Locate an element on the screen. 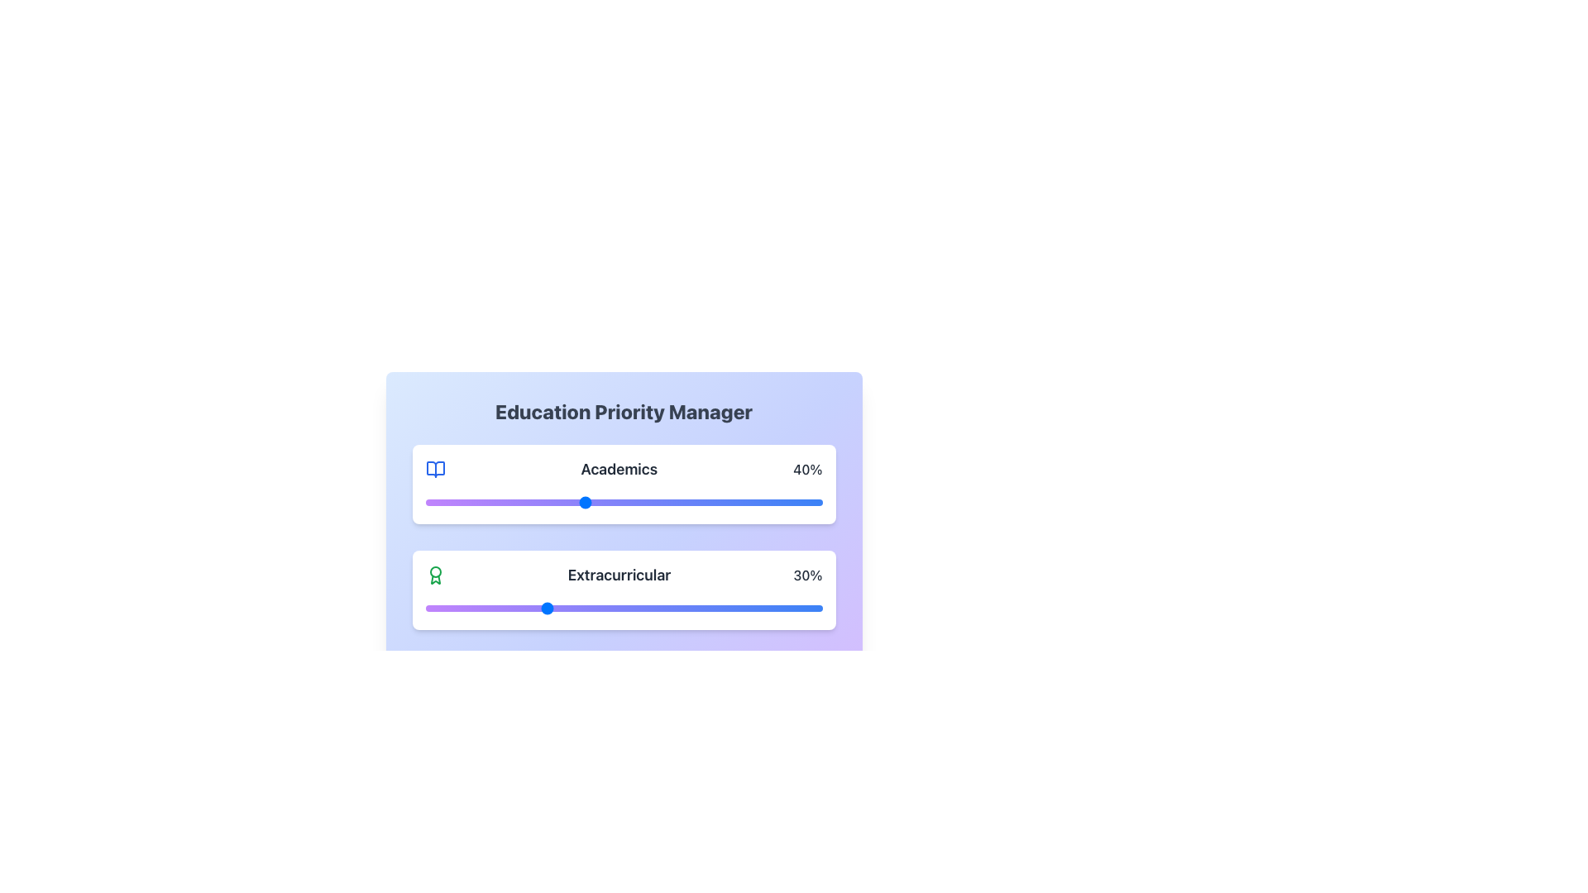  the open book icon is located at coordinates (435, 469).